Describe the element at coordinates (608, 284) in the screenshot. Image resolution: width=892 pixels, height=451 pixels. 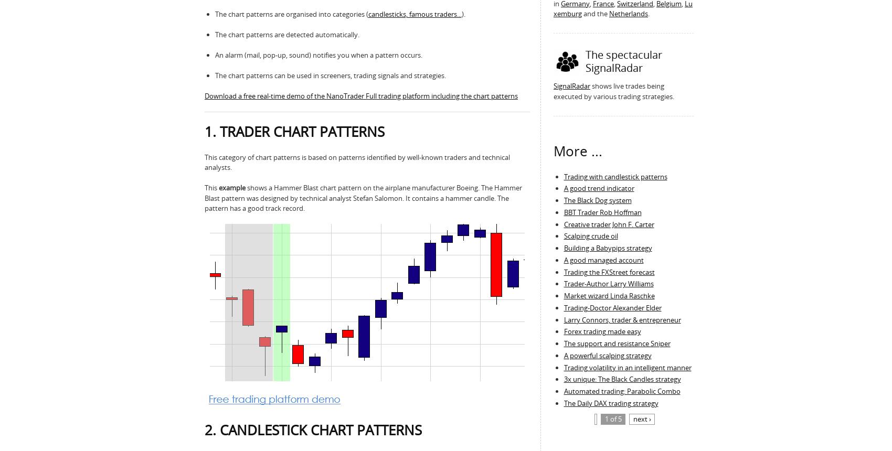
I see `'Trader-Author Larry Williams'` at that location.